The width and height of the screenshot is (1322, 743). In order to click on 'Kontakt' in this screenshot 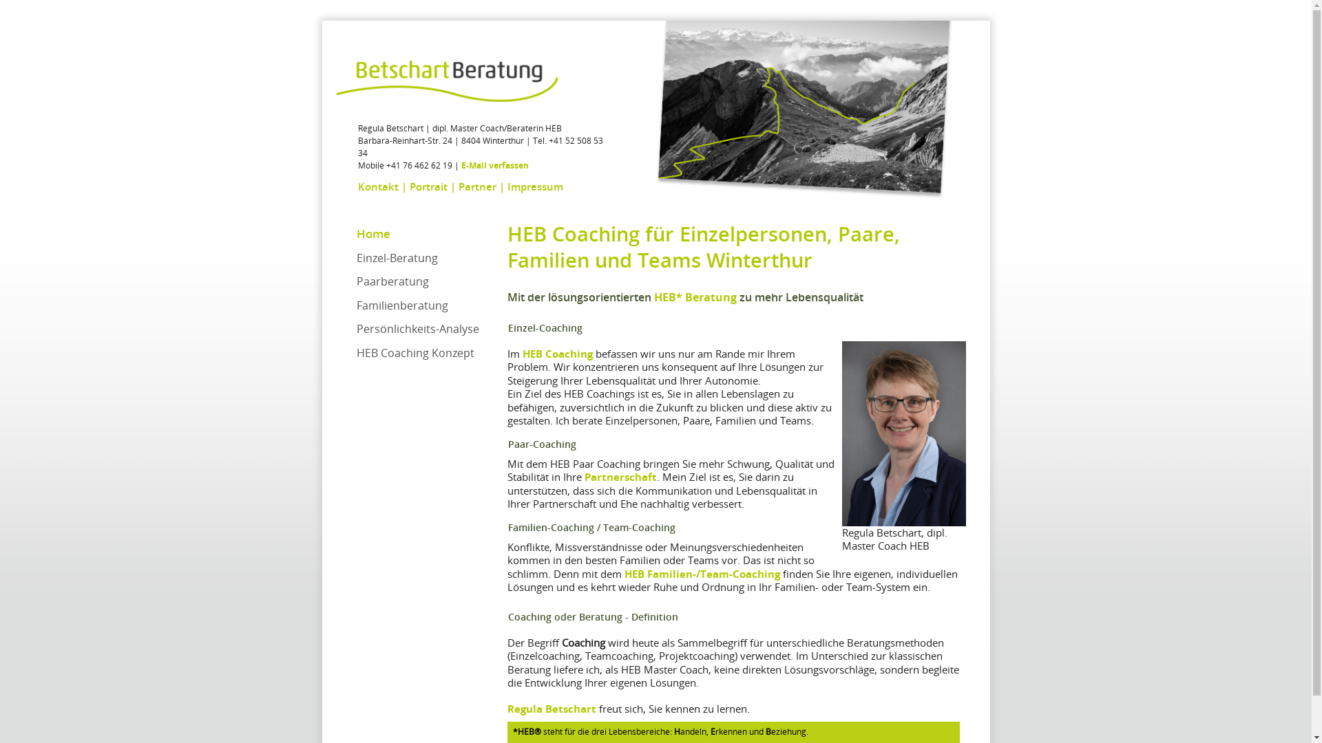, I will do `click(357, 186)`.